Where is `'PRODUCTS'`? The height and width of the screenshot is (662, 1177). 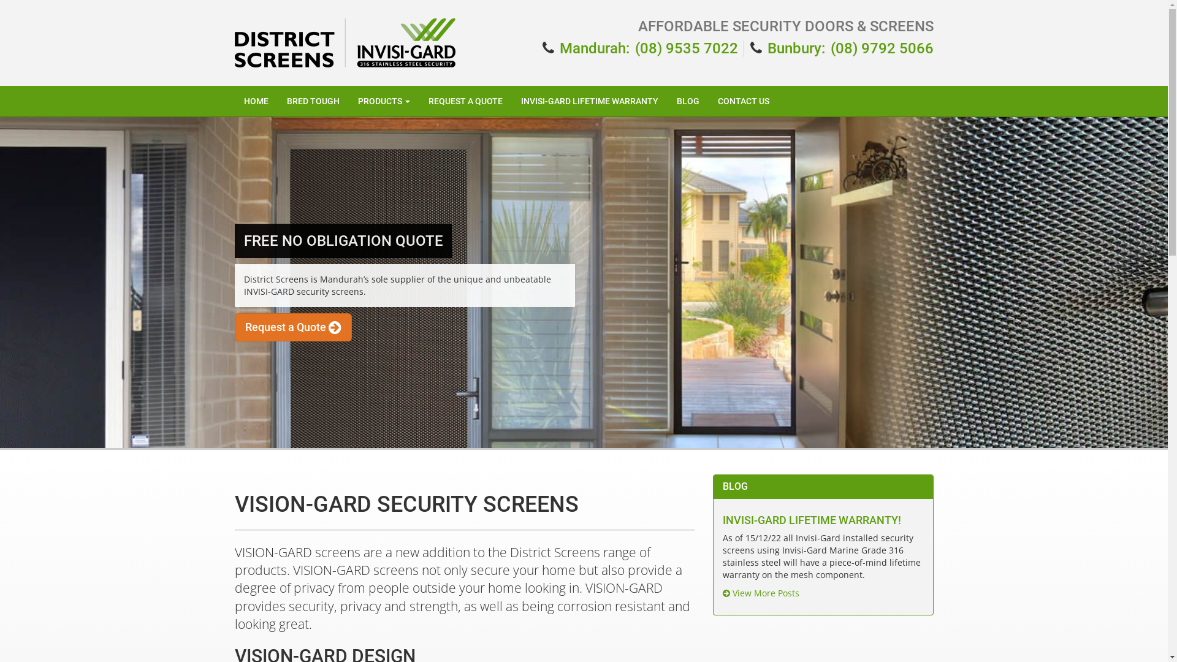 'PRODUCTS' is located at coordinates (383, 101).